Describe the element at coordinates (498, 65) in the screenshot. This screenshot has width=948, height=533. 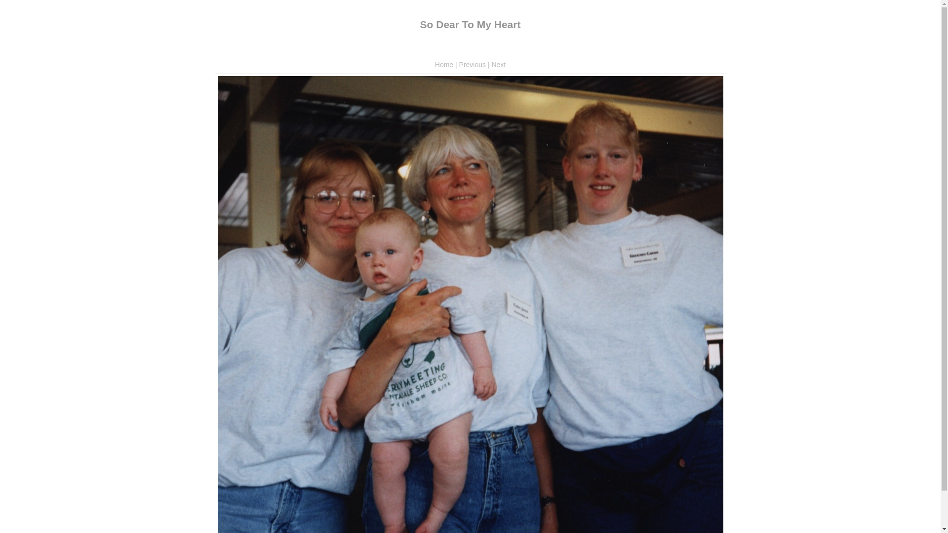
I see `'Next'` at that location.